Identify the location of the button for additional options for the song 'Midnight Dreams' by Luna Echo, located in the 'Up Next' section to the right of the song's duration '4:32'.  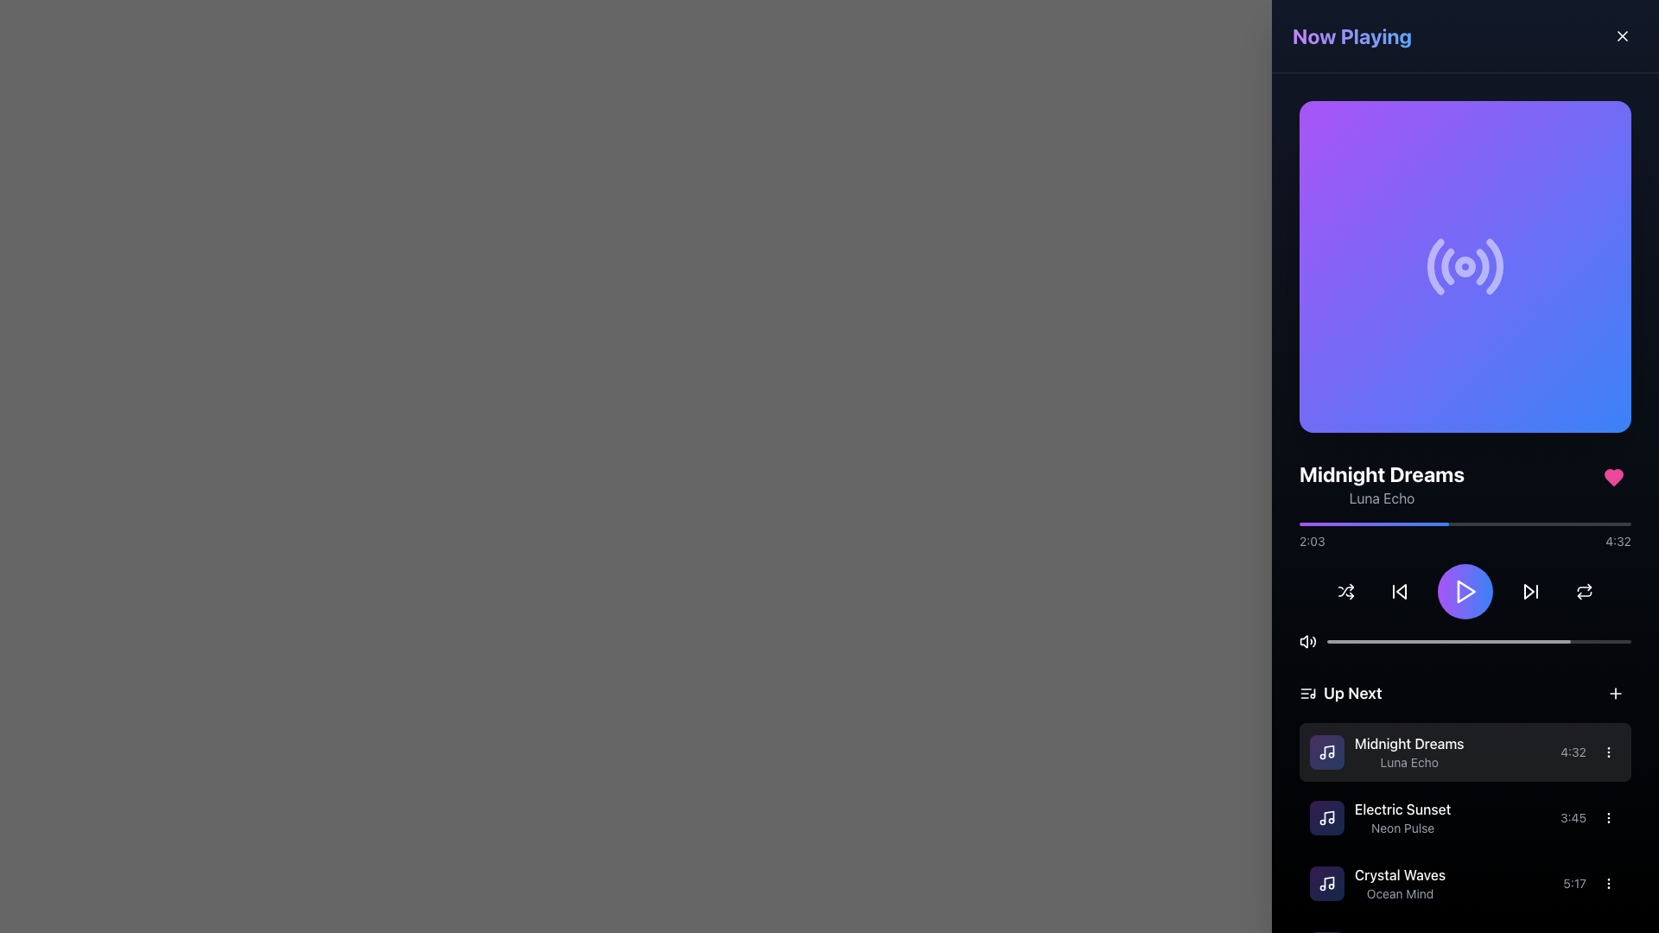
(1608, 752).